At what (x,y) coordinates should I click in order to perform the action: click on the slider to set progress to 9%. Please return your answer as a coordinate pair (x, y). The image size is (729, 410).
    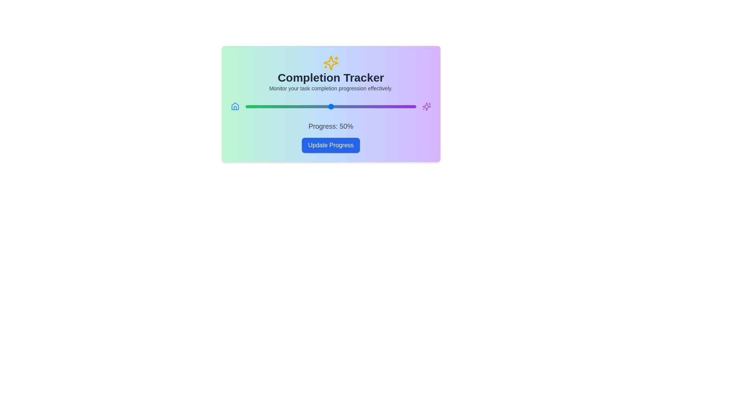
    Looking at the image, I should click on (261, 107).